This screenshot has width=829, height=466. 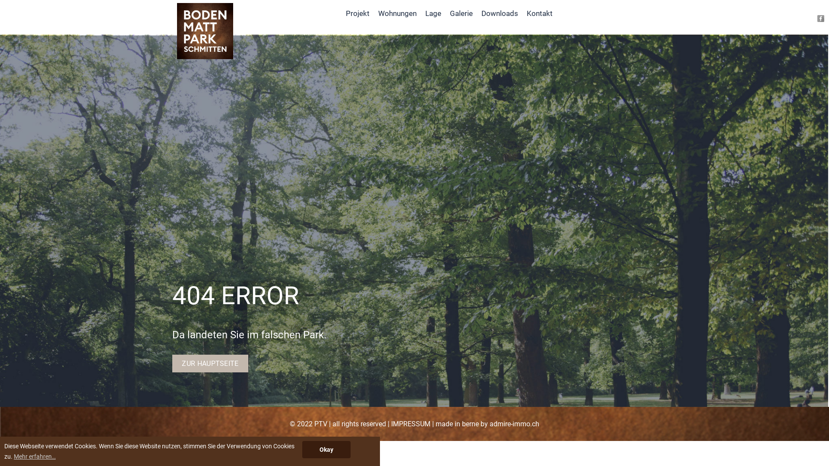 What do you see at coordinates (476, 13) in the screenshot?
I see `'Downloads'` at bounding box center [476, 13].